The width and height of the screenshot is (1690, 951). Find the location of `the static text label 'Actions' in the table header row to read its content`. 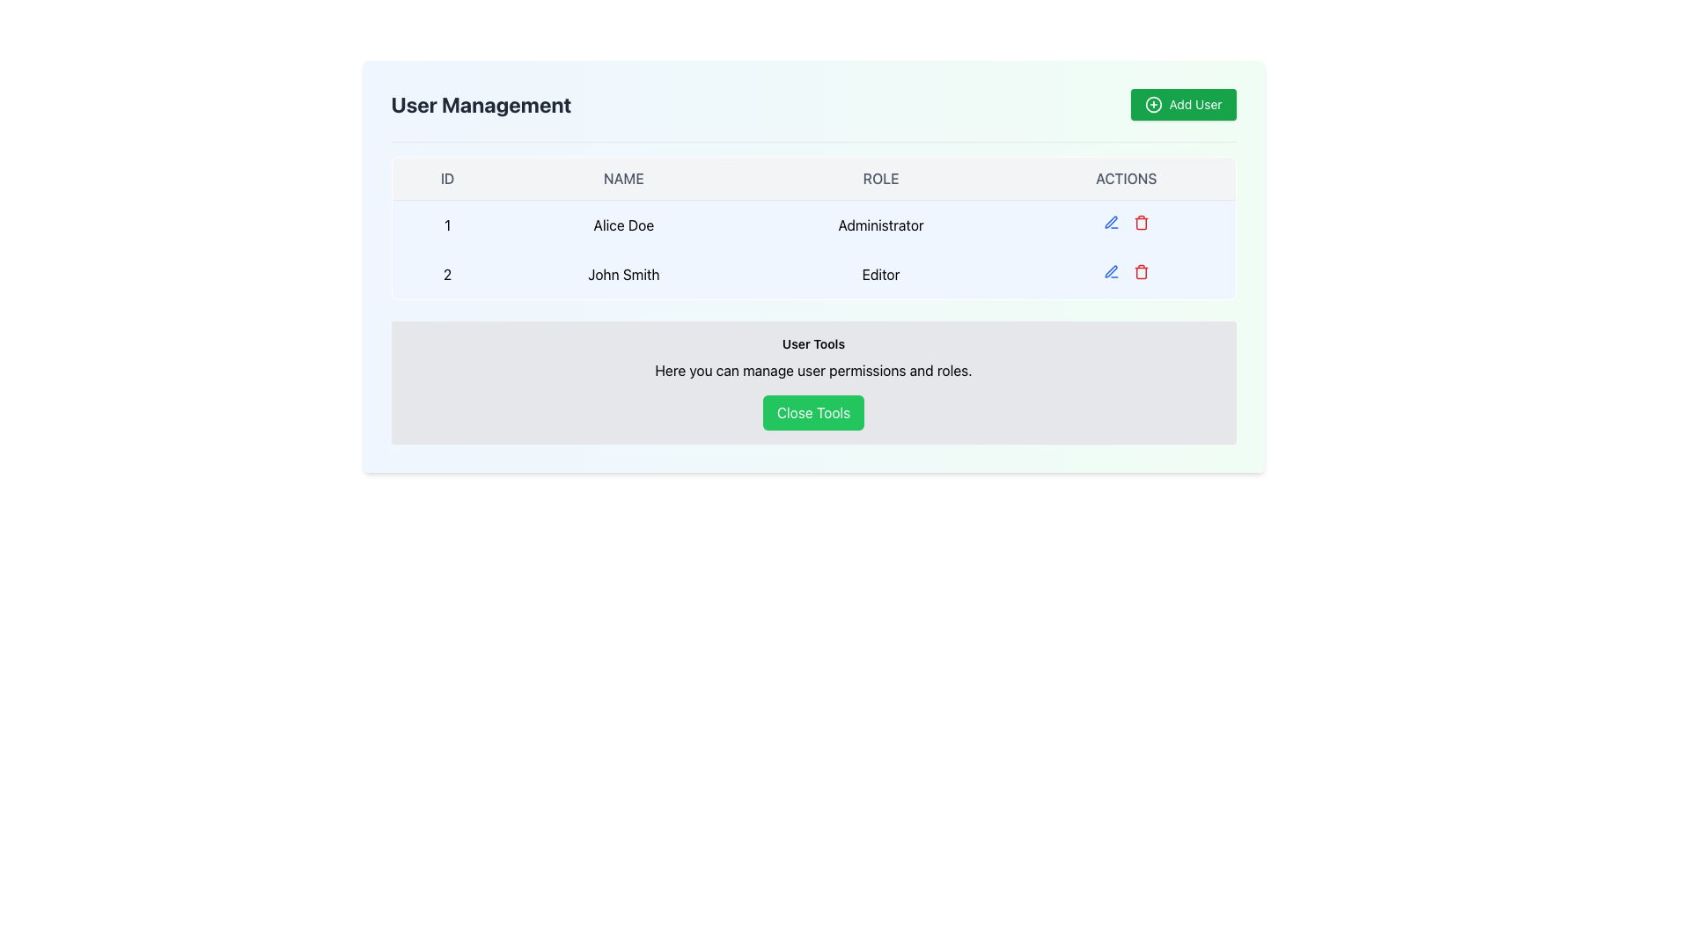

the static text label 'Actions' in the table header row to read its content is located at coordinates (1127, 179).